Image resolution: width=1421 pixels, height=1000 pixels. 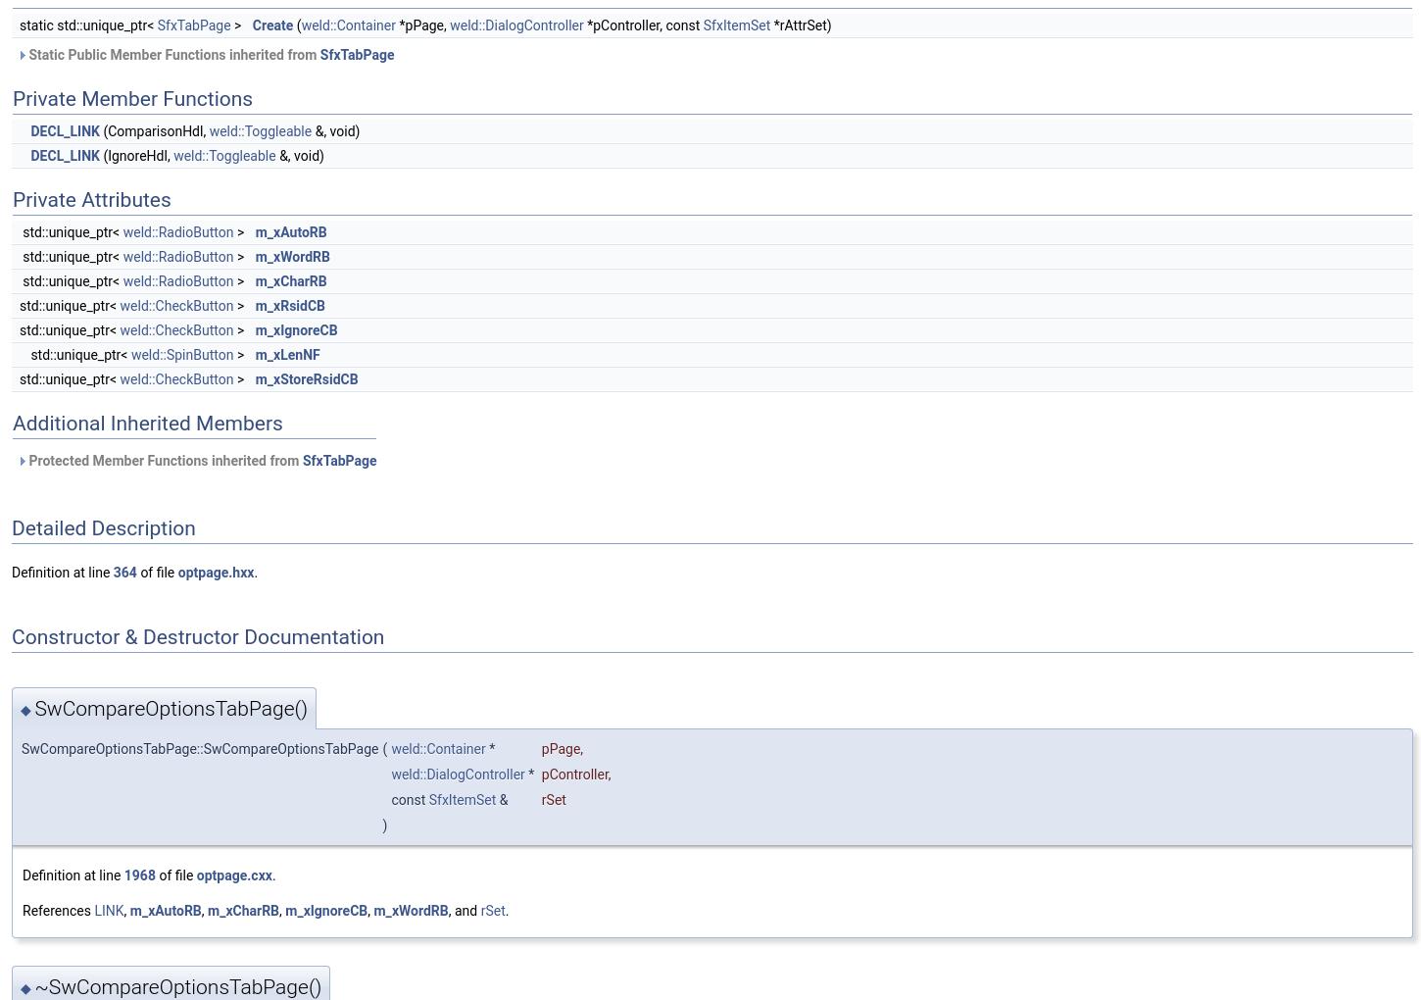 I want to click on 'SwCompareOptionsTabPage::SwCompareOptionsTabPage', so click(x=199, y=748).